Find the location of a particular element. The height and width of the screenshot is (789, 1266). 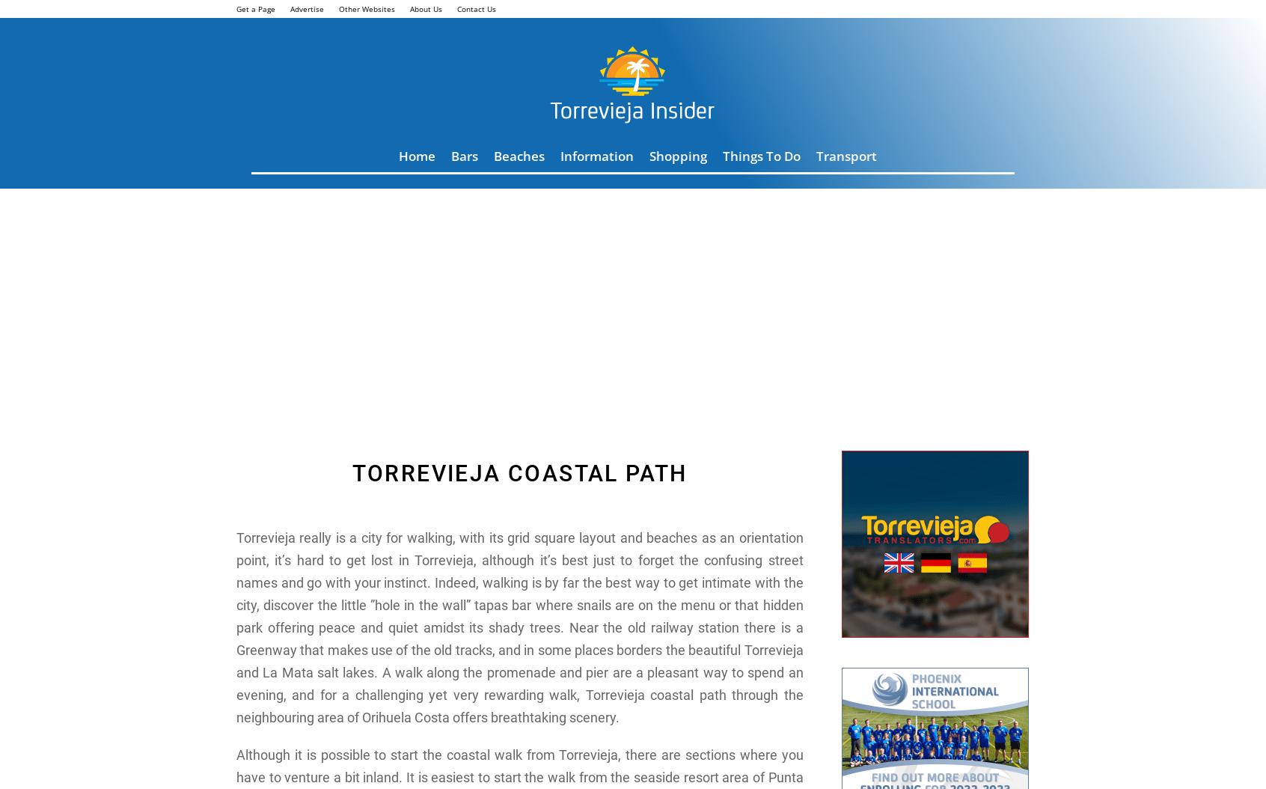

'Beaches' is located at coordinates (519, 155).